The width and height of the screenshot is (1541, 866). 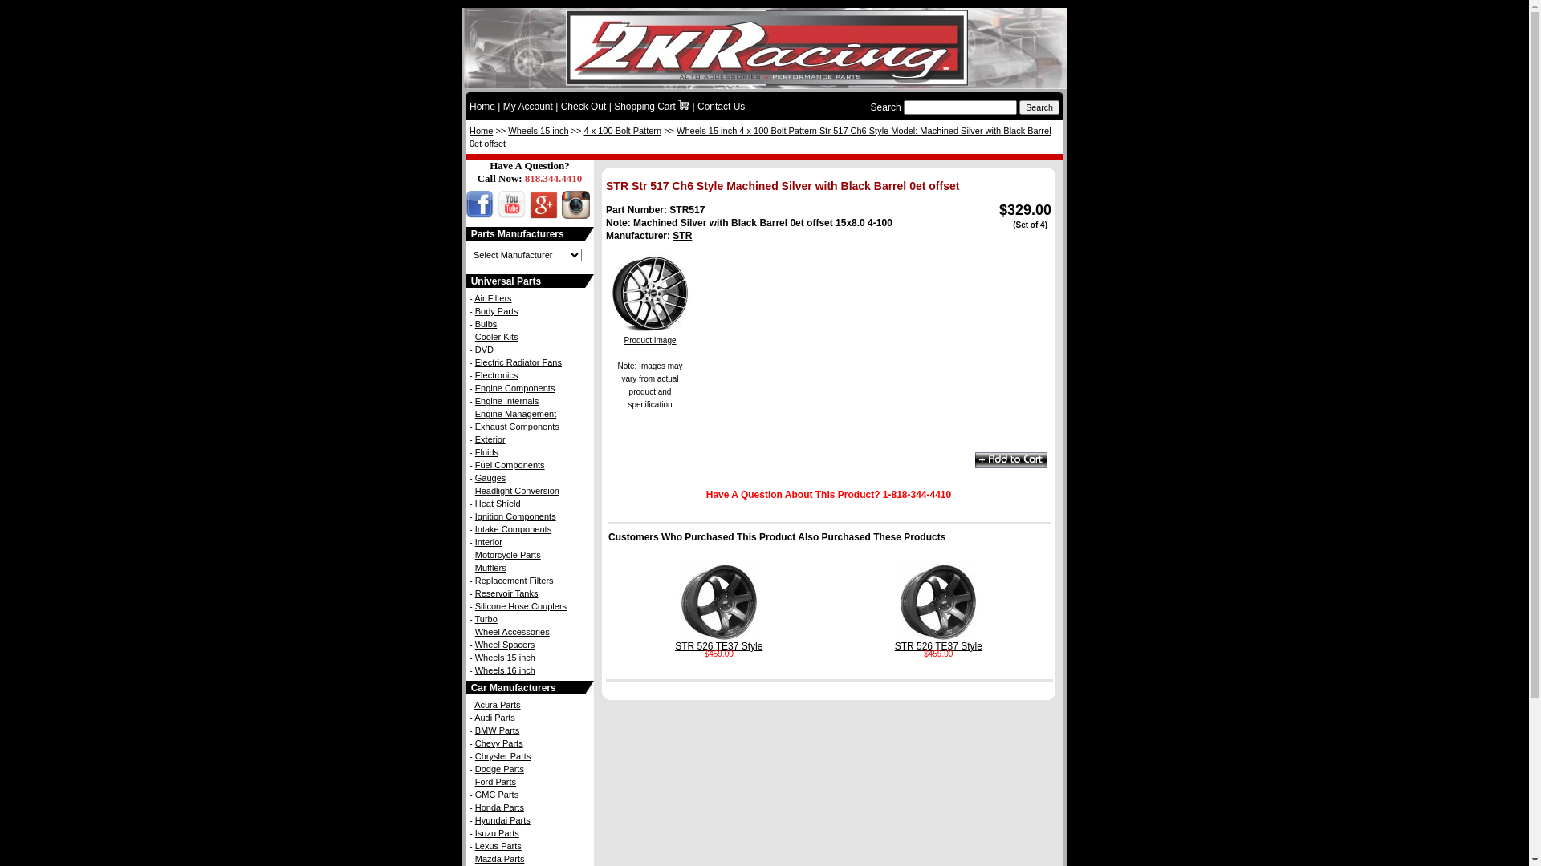 I want to click on 'Product Image', so click(x=650, y=335).